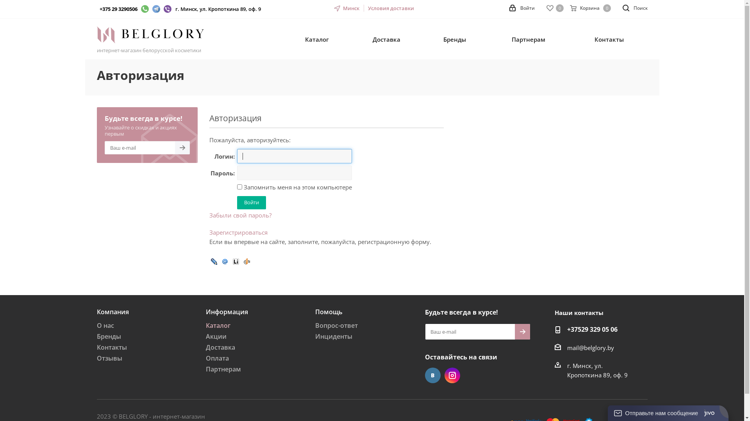 The image size is (750, 421). What do you see at coordinates (214, 261) in the screenshot?
I see `'Livejournal'` at bounding box center [214, 261].